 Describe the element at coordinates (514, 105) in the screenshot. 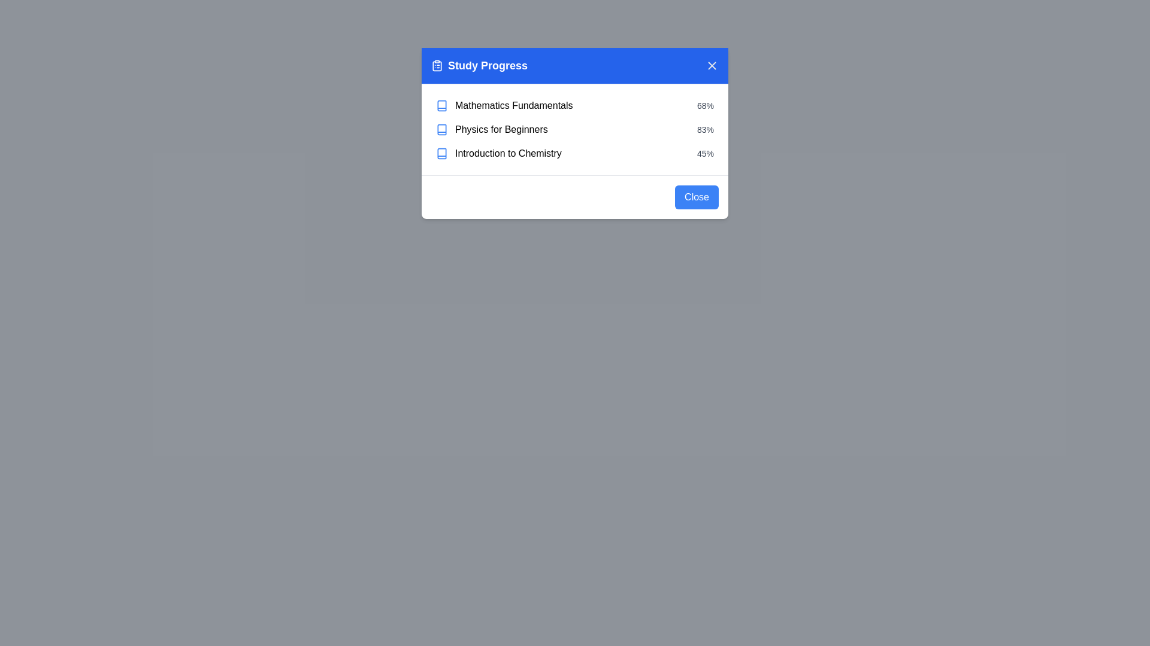

I see `the text label for the first item in the 'Study Progress' list` at that location.